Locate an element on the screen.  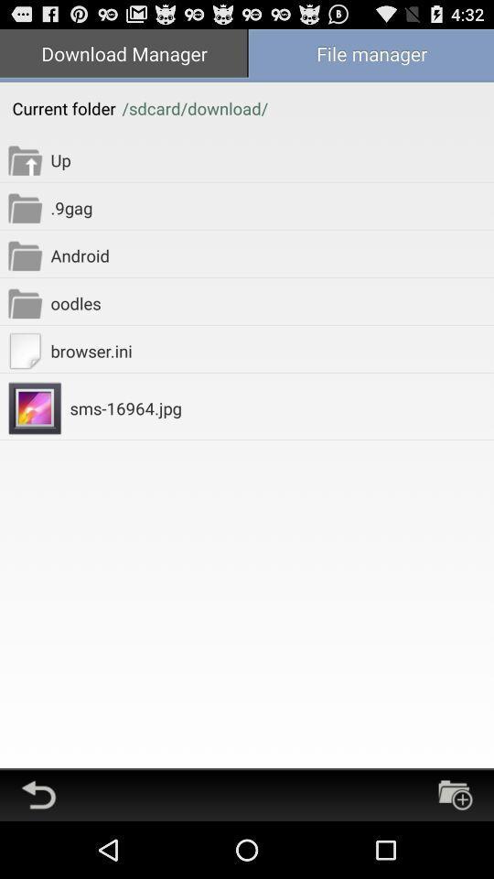
app below up item is located at coordinates (271, 207).